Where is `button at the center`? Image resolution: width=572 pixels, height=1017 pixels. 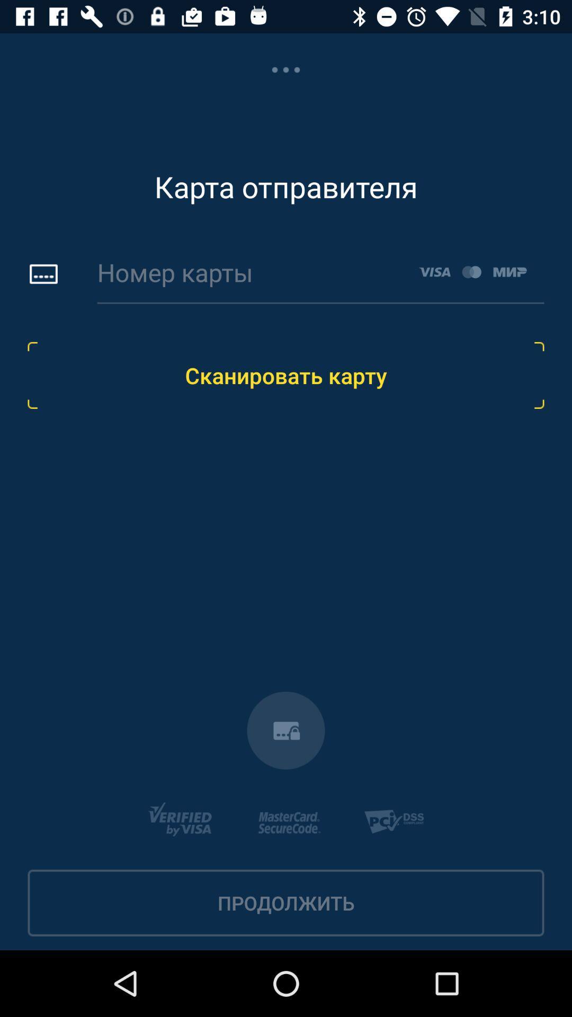
button at the center is located at coordinates (286, 375).